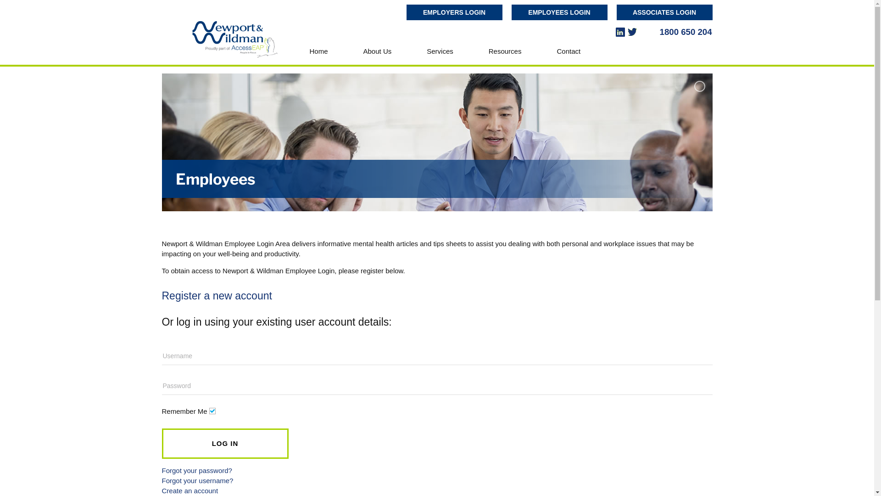  What do you see at coordinates (224, 443) in the screenshot?
I see `'LOG IN'` at bounding box center [224, 443].